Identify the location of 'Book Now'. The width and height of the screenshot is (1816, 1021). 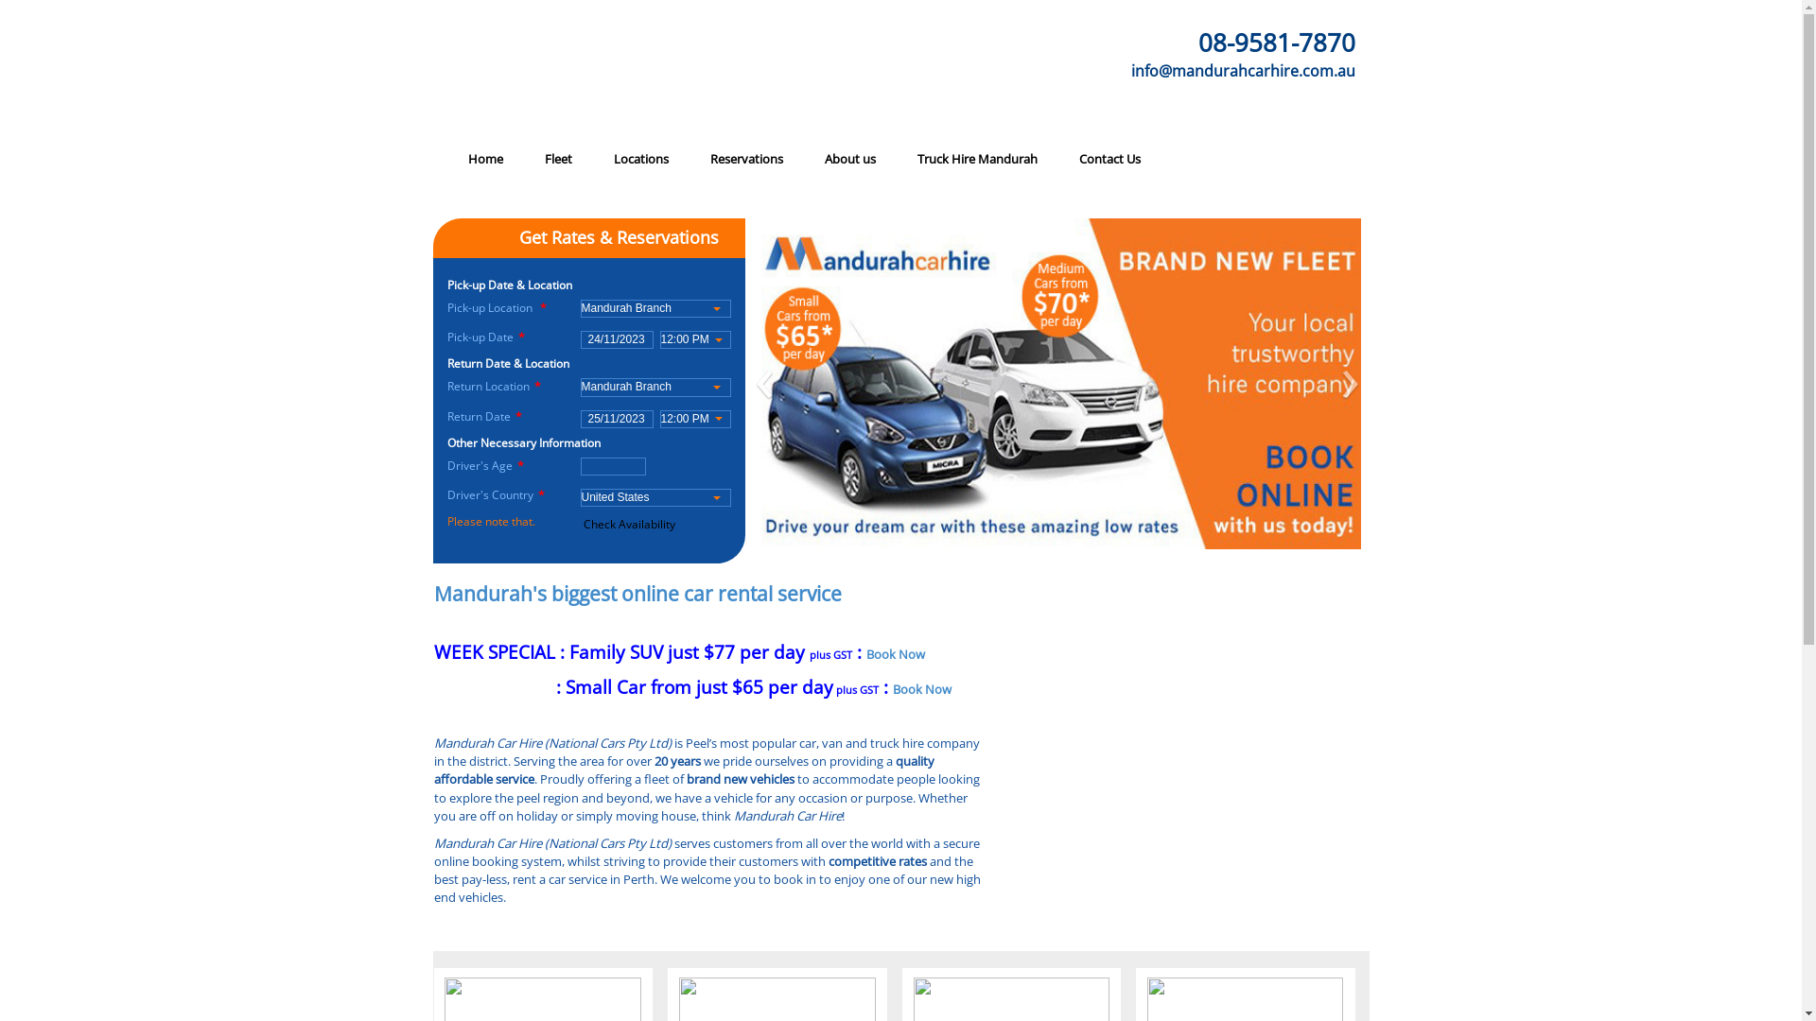
(894, 652).